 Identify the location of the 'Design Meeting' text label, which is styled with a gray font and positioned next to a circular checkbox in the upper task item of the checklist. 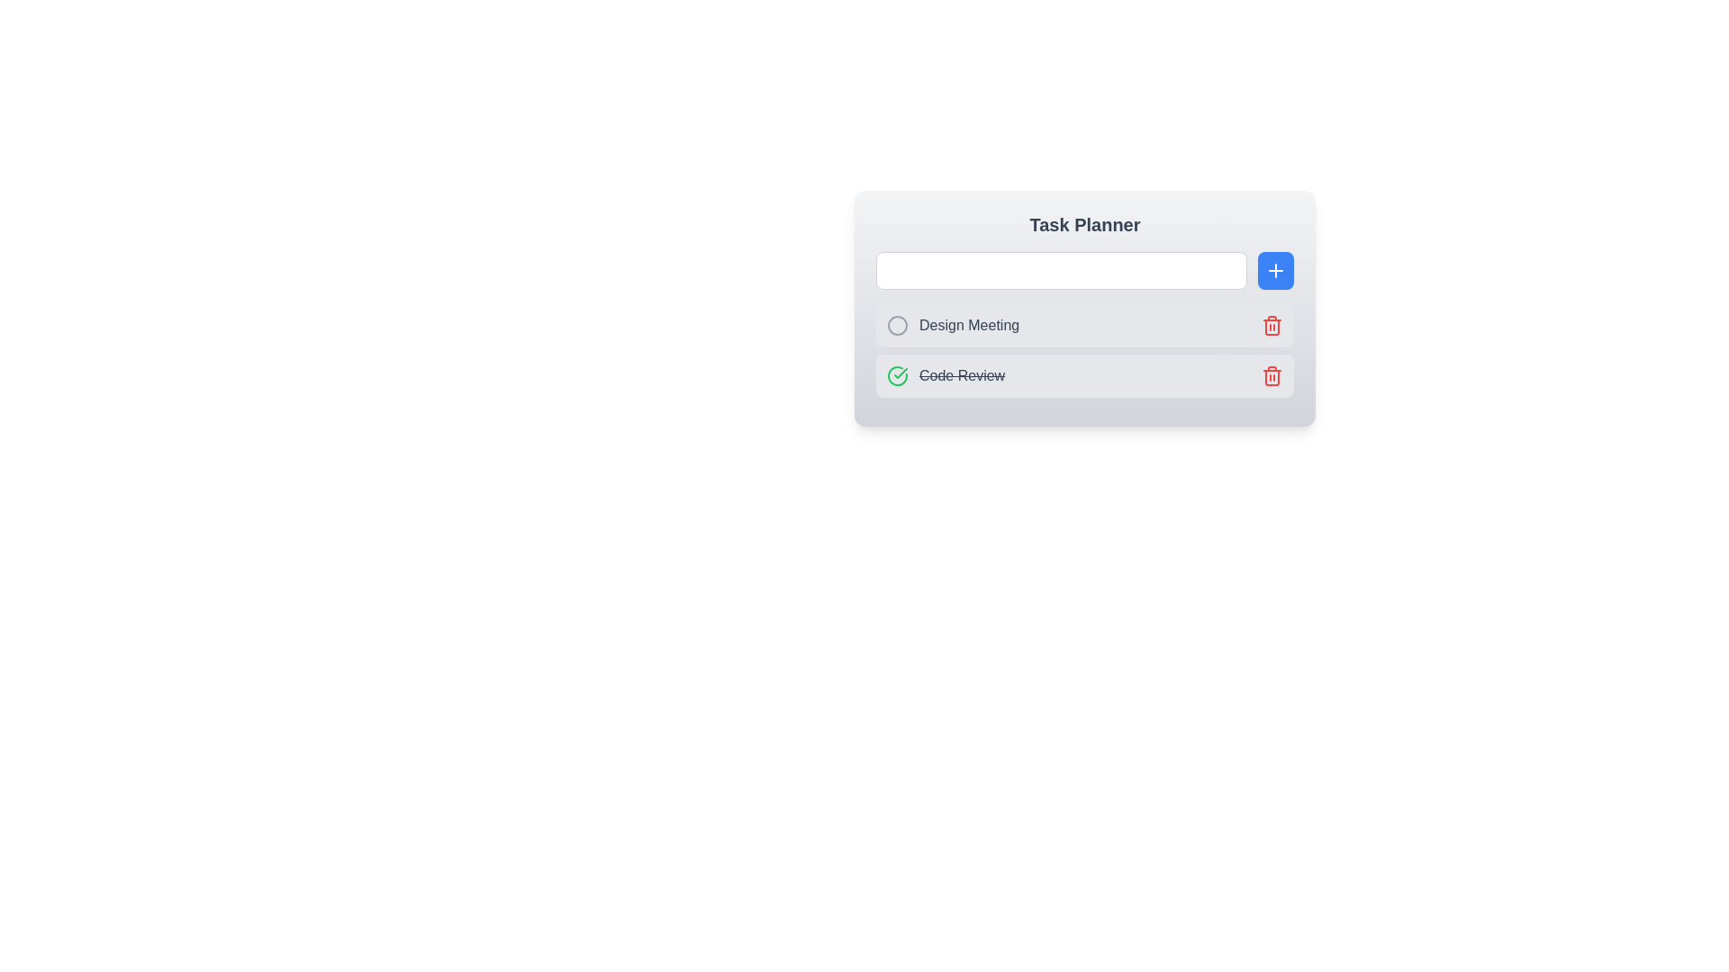
(952, 326).